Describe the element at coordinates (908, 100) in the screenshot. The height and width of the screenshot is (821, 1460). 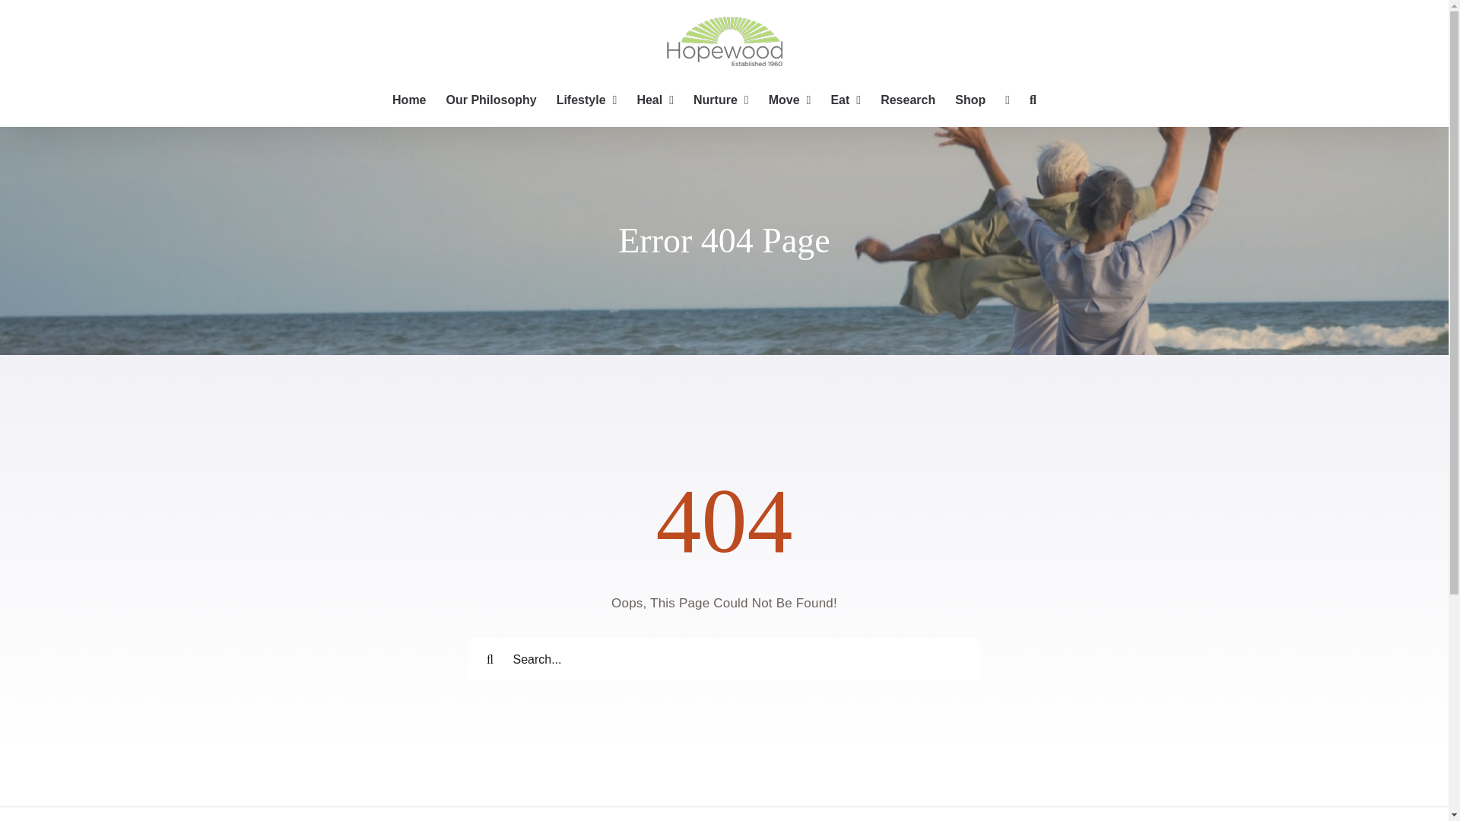
I see `'Research'` at that location.